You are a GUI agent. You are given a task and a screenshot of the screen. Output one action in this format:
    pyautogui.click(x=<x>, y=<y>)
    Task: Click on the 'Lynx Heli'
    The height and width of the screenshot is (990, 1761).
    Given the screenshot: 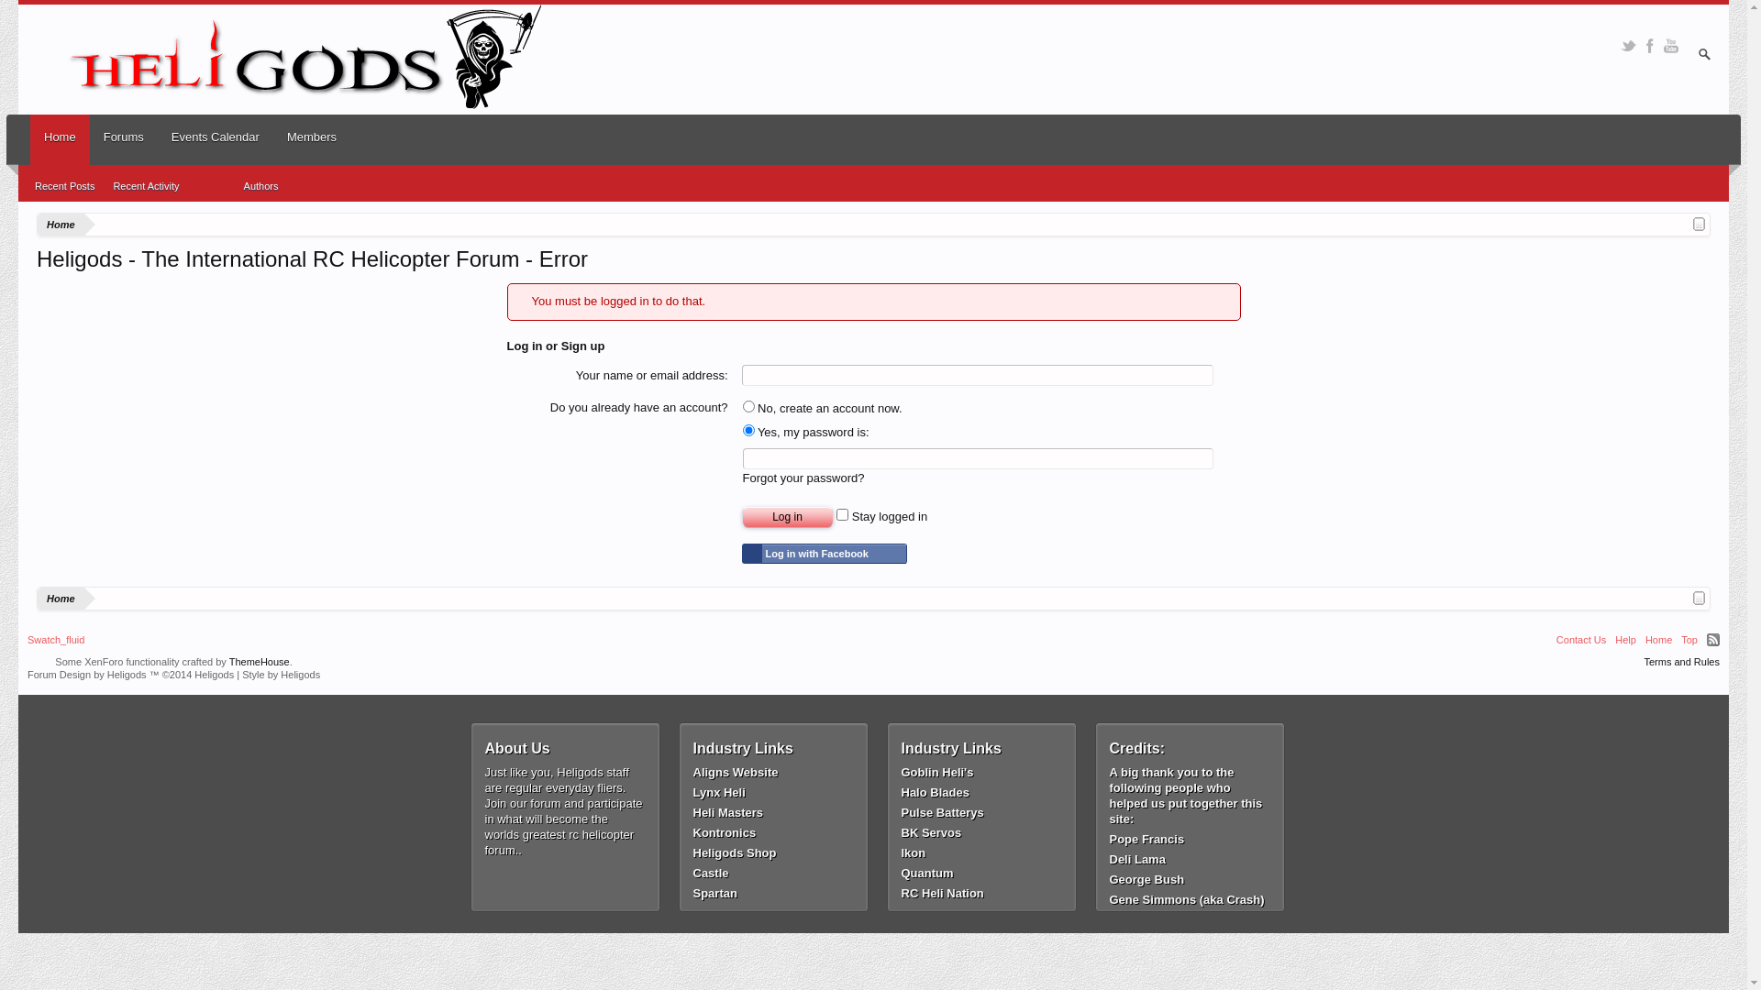 What is the action you would take?
    pyautogui.click(x=773, y=791)
    